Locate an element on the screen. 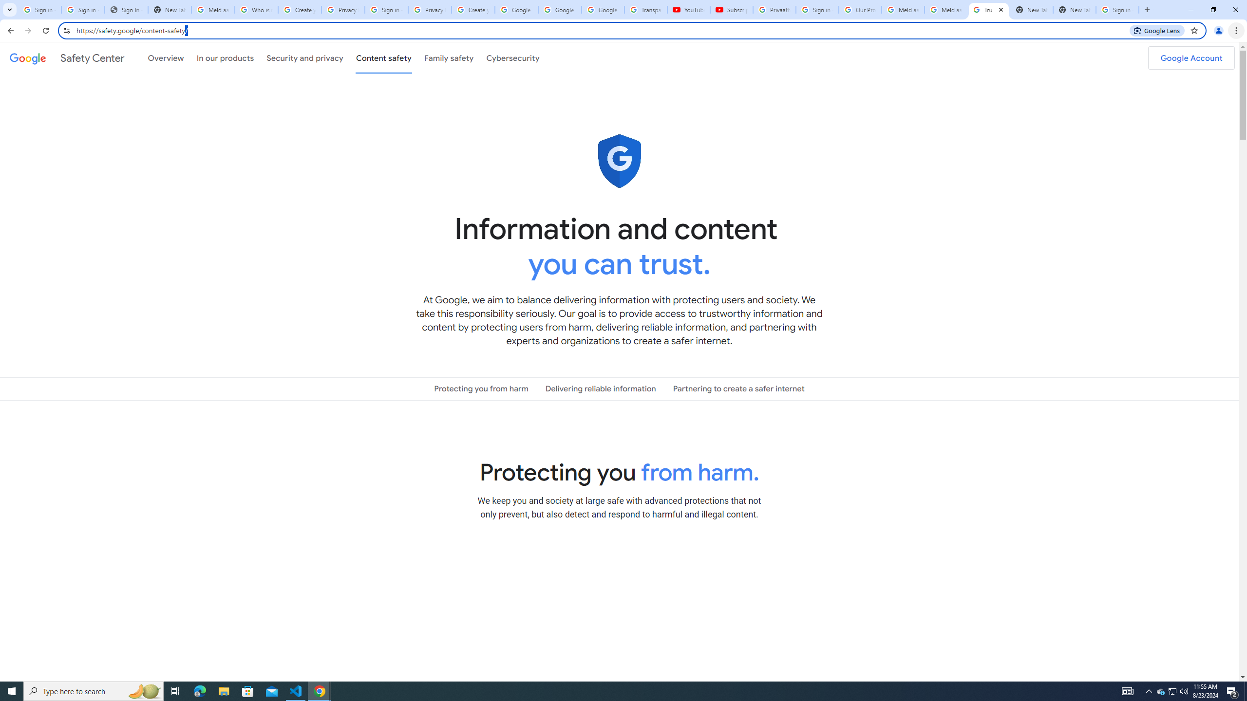 This screenshot has height=701, width=1247. 'In our products' is located at coordinates (225, 57).